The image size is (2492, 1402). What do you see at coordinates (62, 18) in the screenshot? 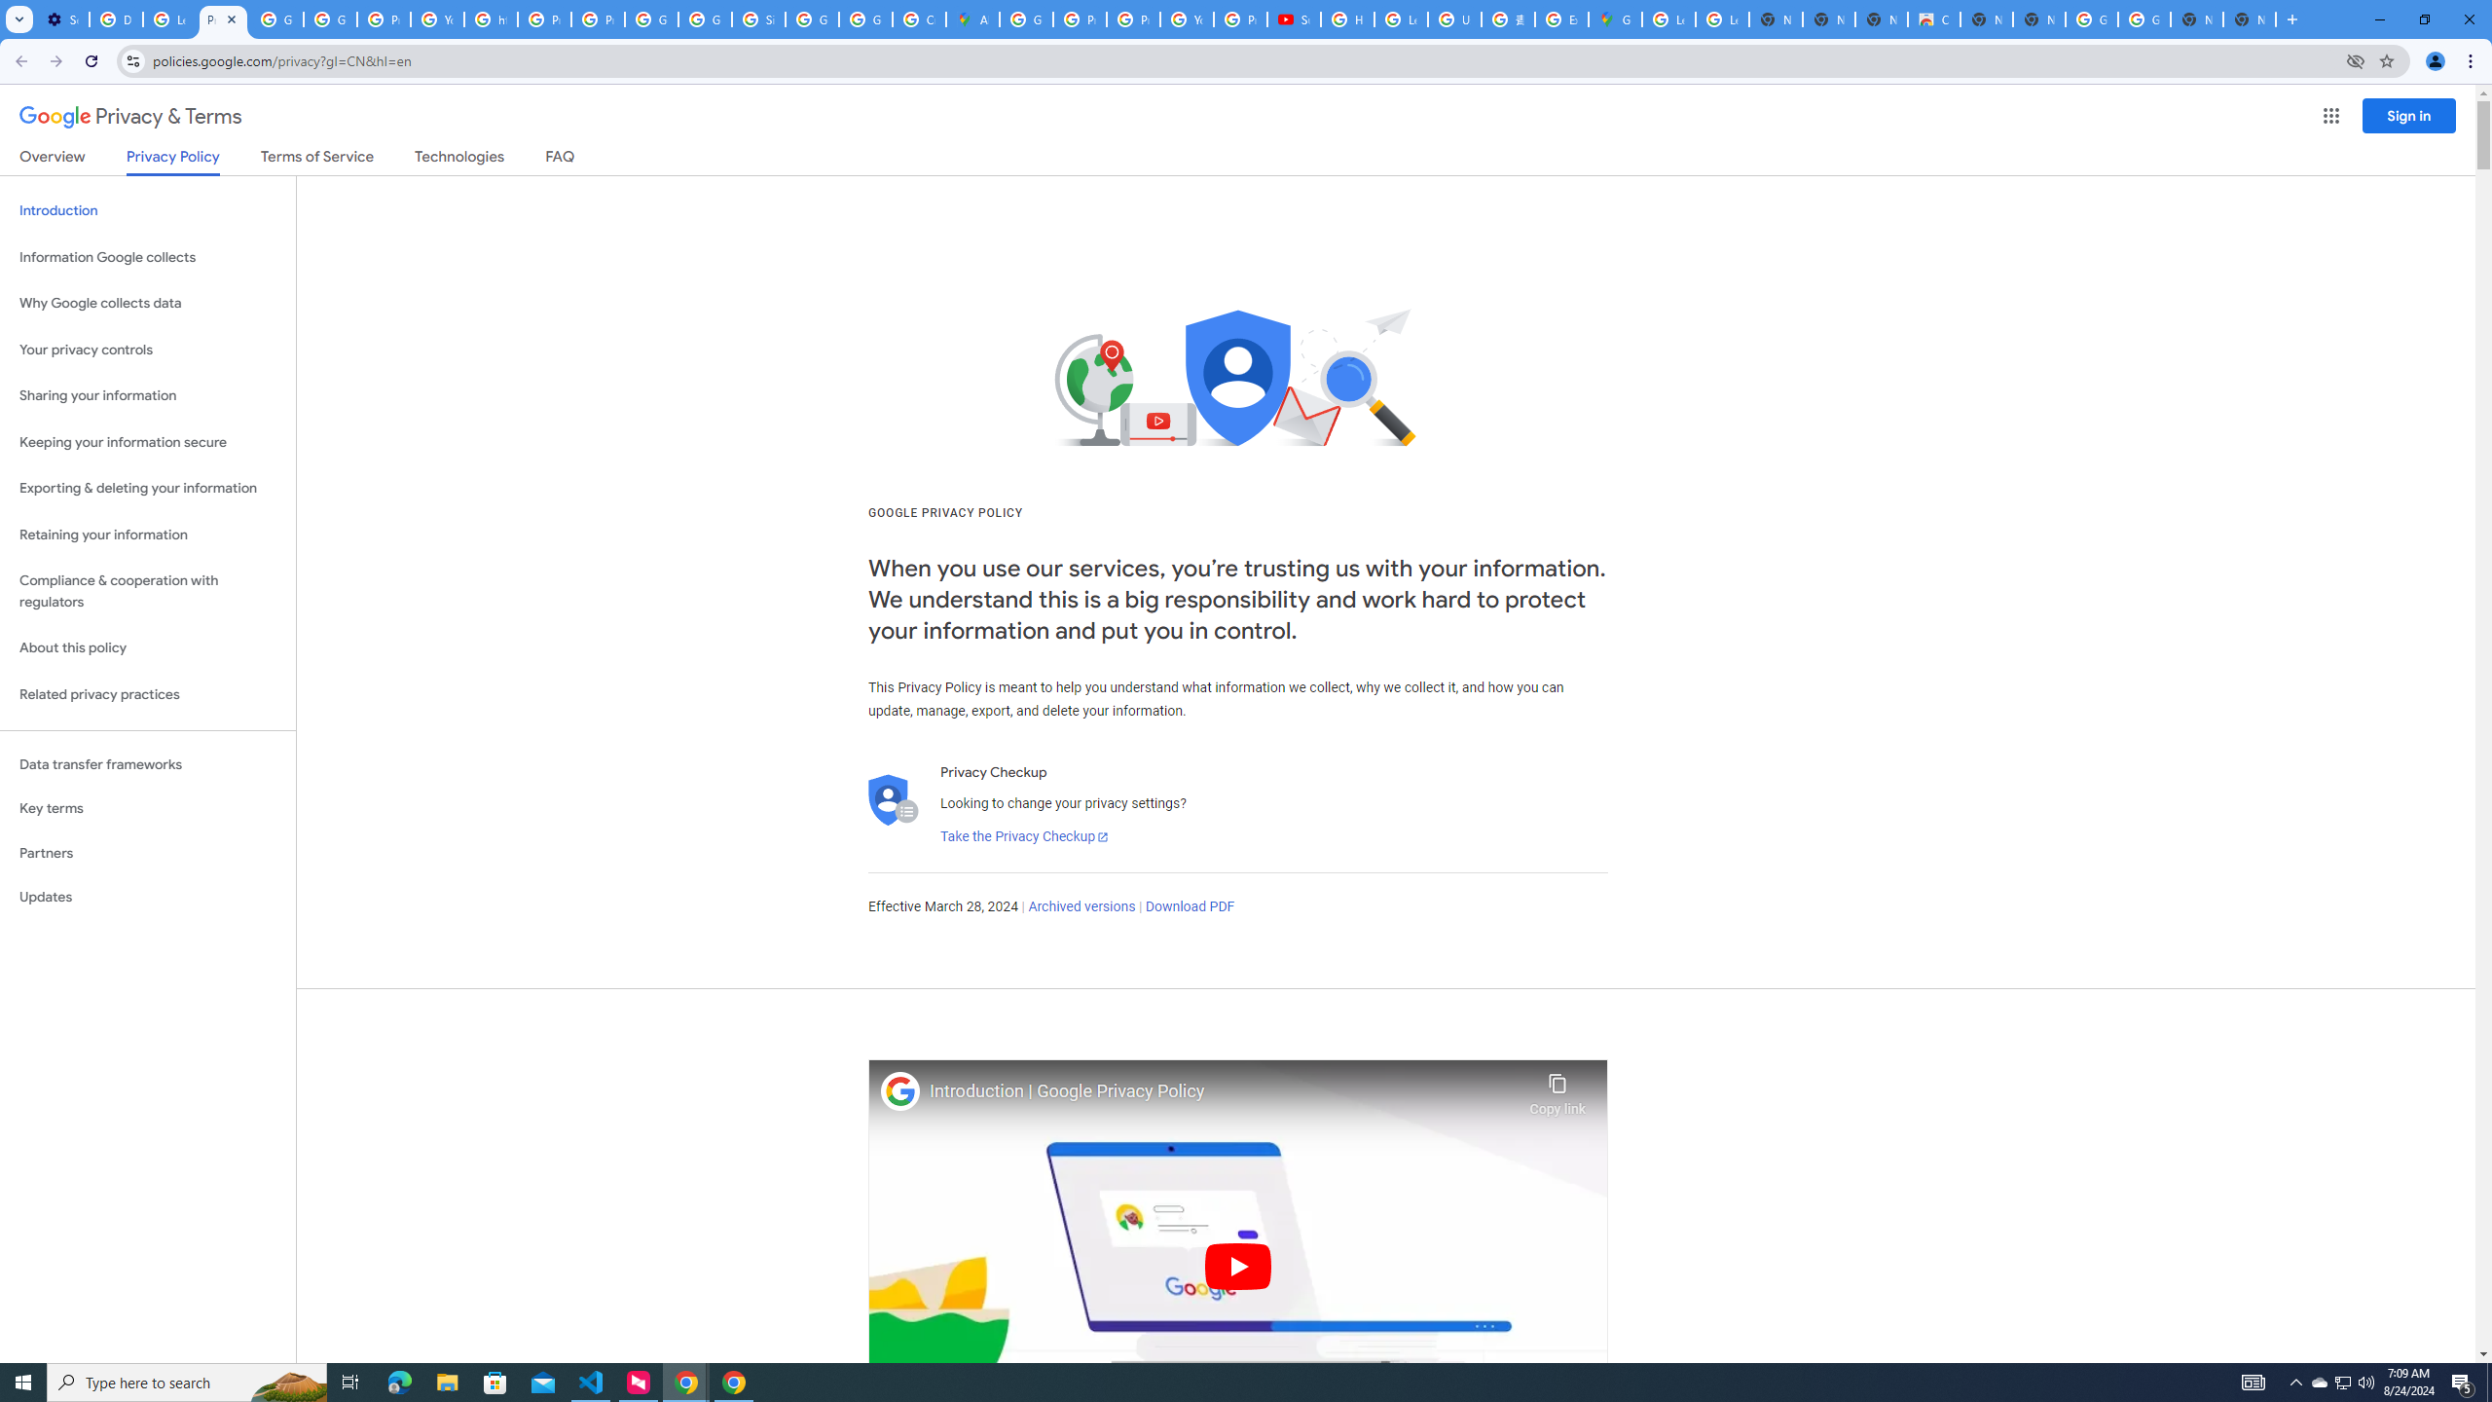
I see `'Settings - Performance'` at bounding box center [62, 18].